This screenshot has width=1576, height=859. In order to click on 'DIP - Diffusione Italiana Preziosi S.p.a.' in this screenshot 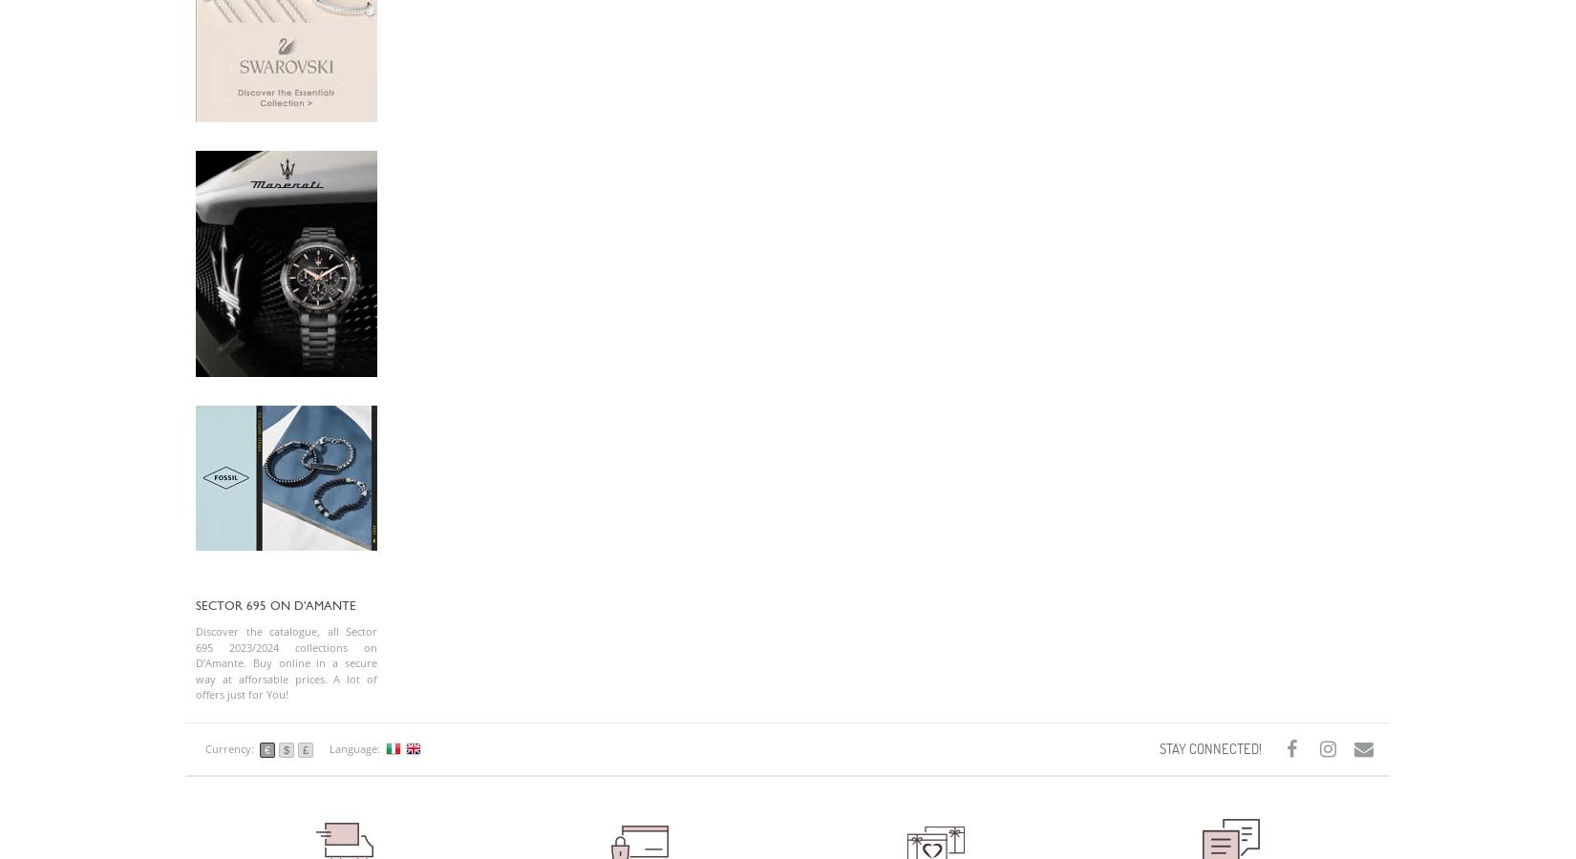, I will do `click(289, 108)`.